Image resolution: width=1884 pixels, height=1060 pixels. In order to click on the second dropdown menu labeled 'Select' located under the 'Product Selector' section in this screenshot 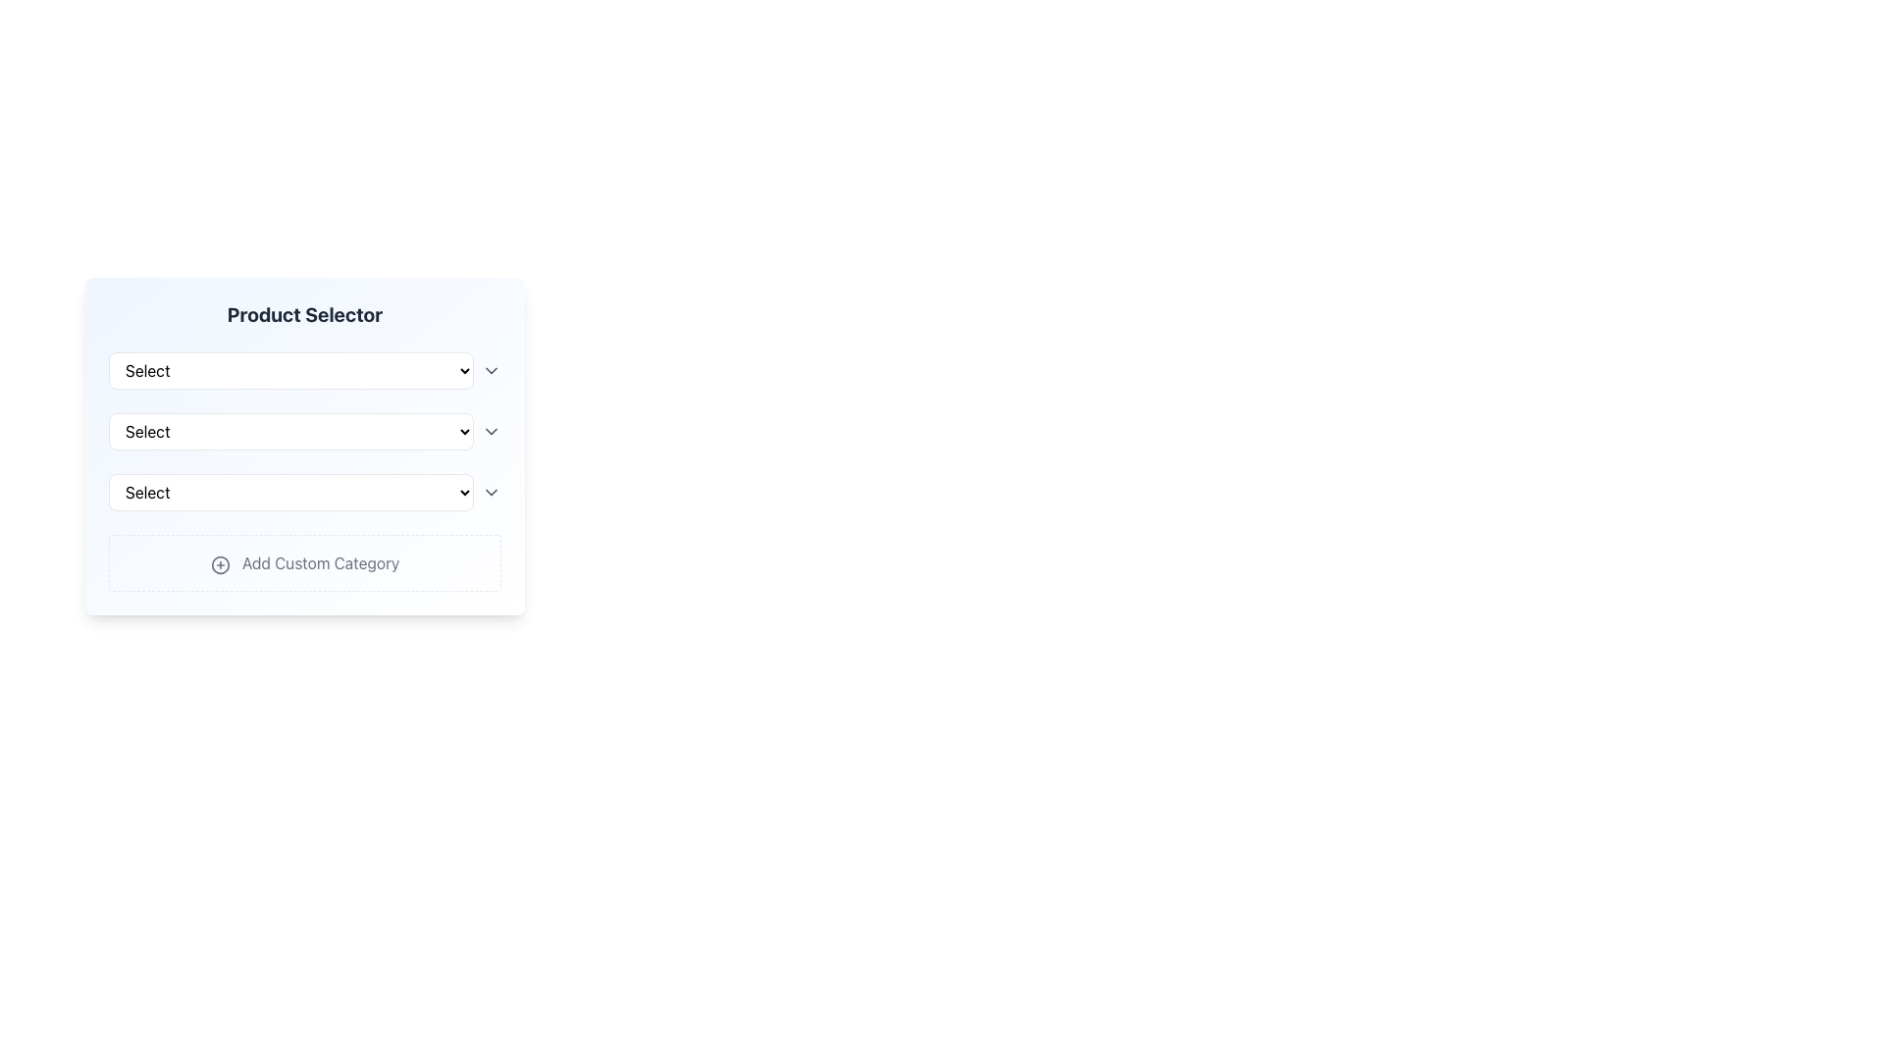, I will do `click(304, 430)`.